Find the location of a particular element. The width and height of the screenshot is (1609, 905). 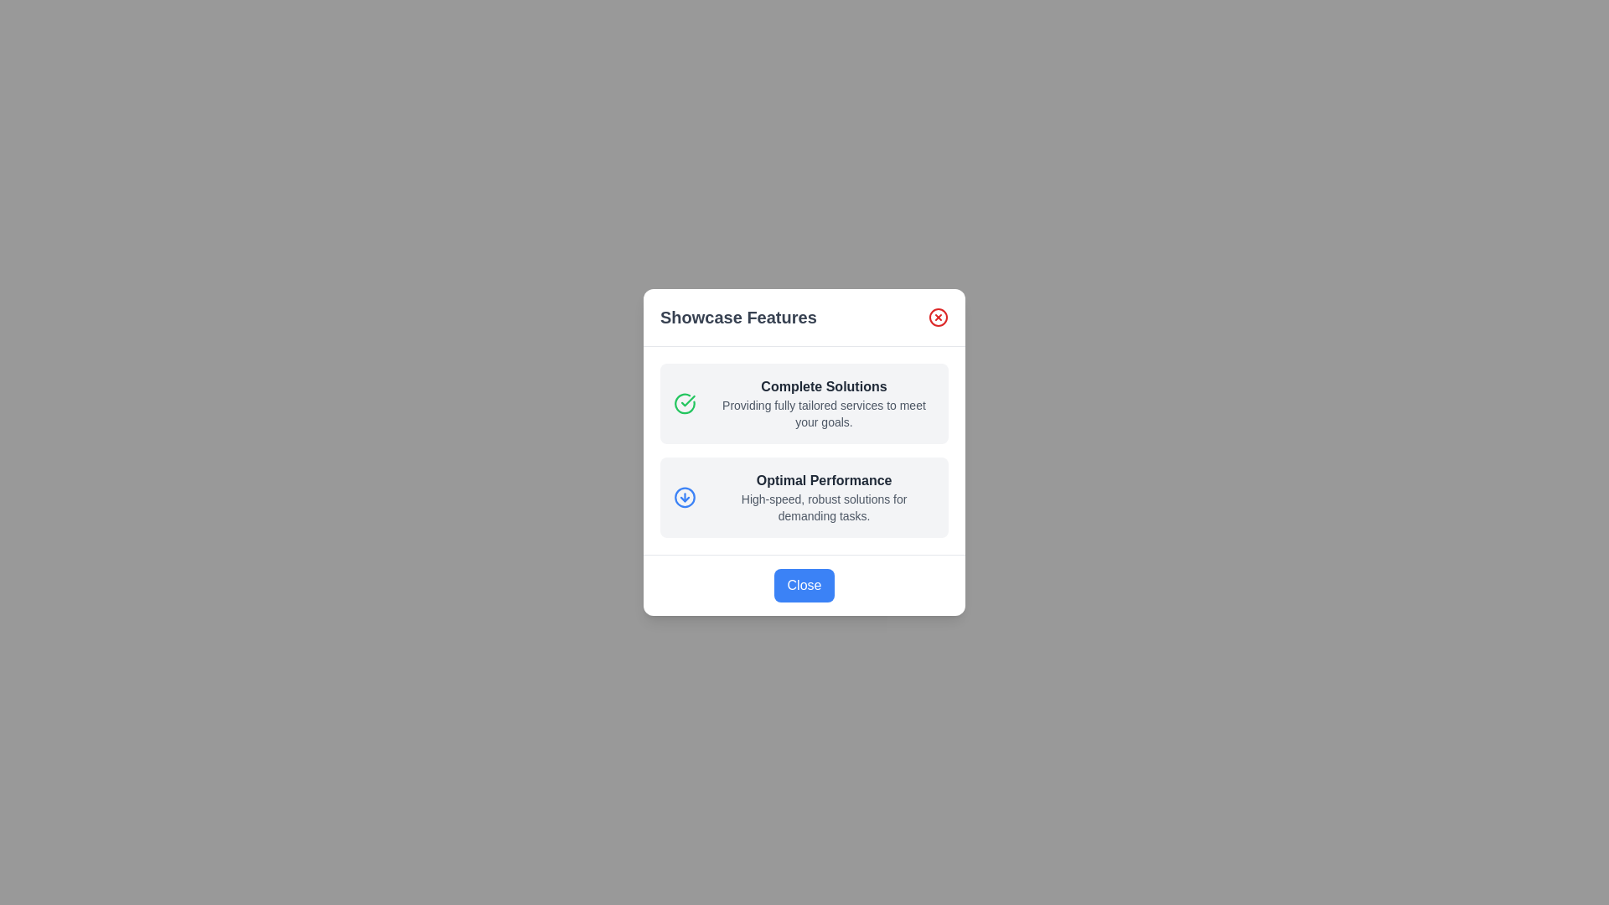

the icon representing the feature 'Complete Solutions' is located at coordinates (684, 404).